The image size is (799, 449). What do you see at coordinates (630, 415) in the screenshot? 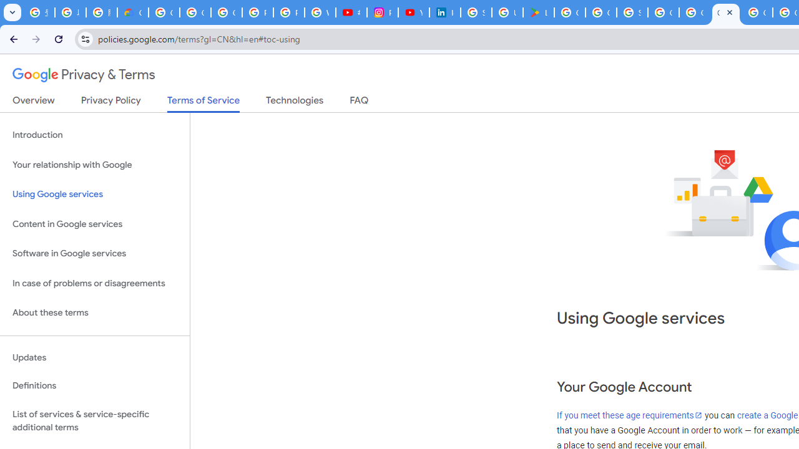
I see `'If you meet these age requirements'` at bounding box center [630, 415].